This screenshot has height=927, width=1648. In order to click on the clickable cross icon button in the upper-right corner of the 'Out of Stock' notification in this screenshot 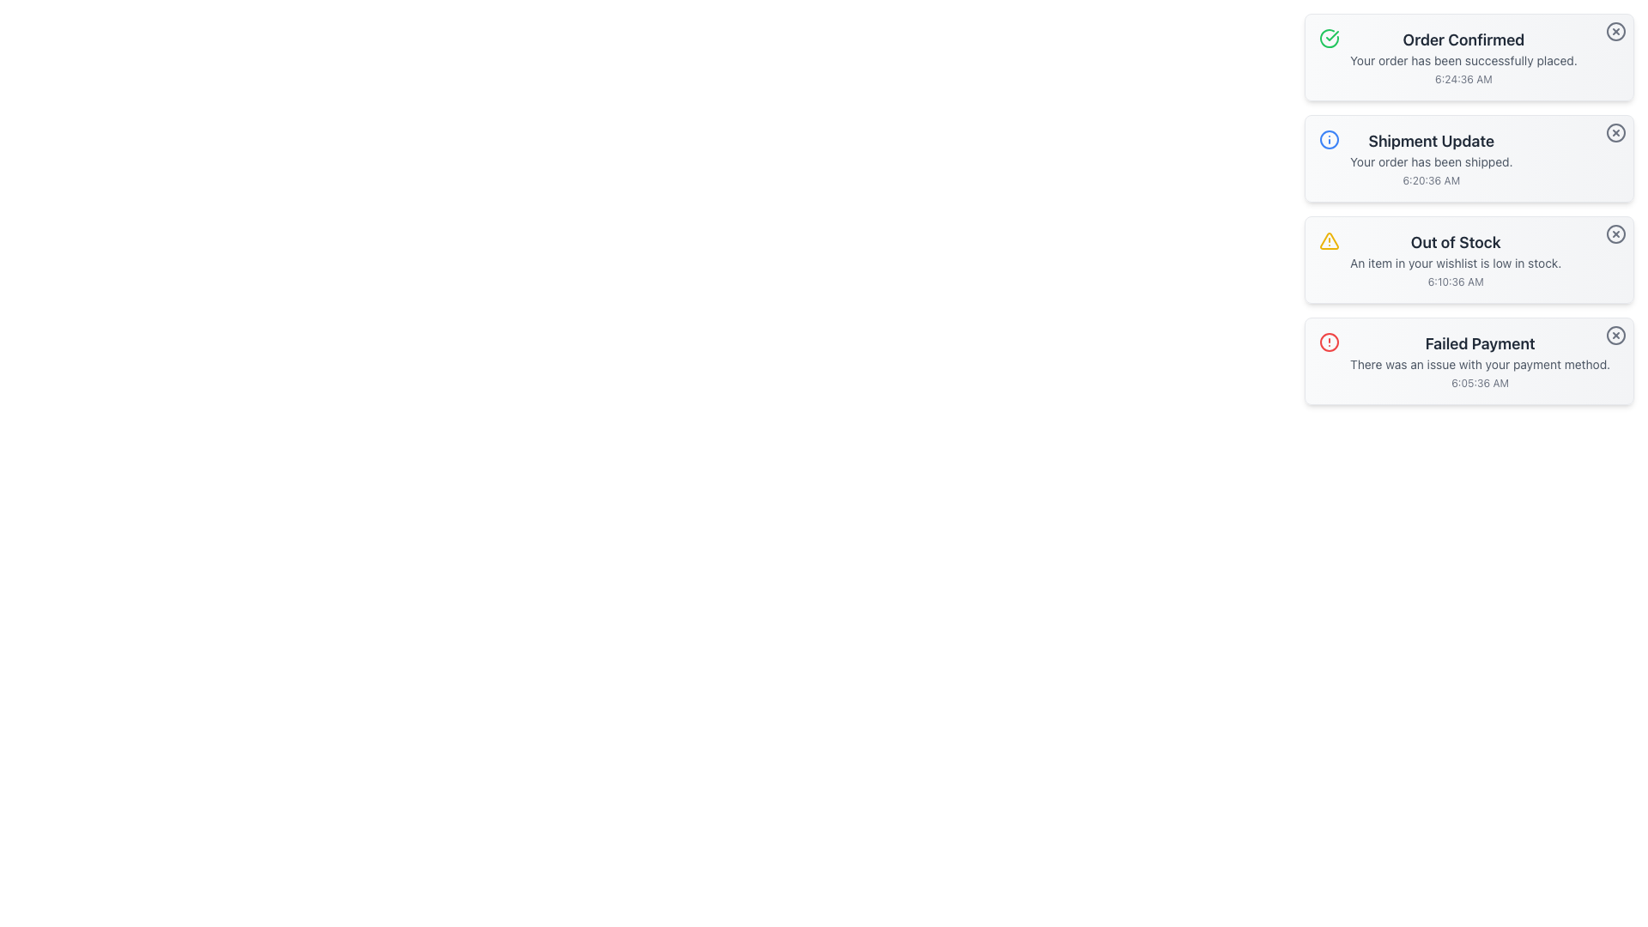, I will do `click(1615, 234)`.